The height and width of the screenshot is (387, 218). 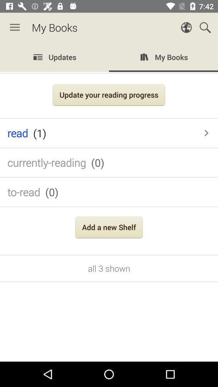 What do you see at coordinates (109, 96) in the screenshot?
I see `the update your reading item` at bounding box center [109, 96].